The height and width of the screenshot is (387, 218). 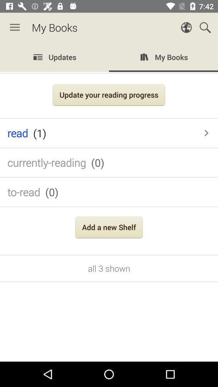 What do you see at coordinates (109, 96) in the screenshot?
I see `the update your reading item` at bounding box center [109, 96].